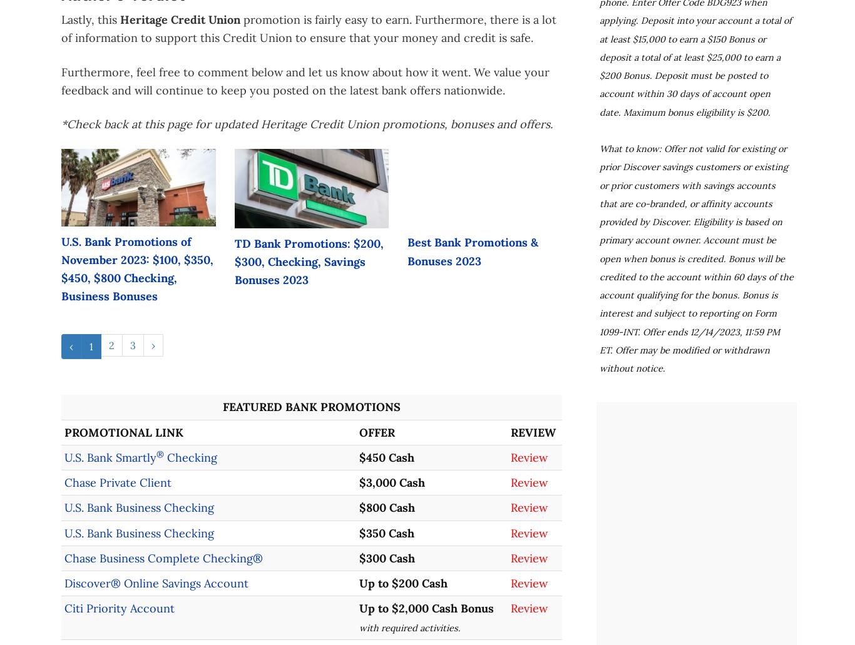  What do you see at coordinates (358, 507) in the screenshot?
I see `'$800 Cash'` at bounding box center [358, 507].